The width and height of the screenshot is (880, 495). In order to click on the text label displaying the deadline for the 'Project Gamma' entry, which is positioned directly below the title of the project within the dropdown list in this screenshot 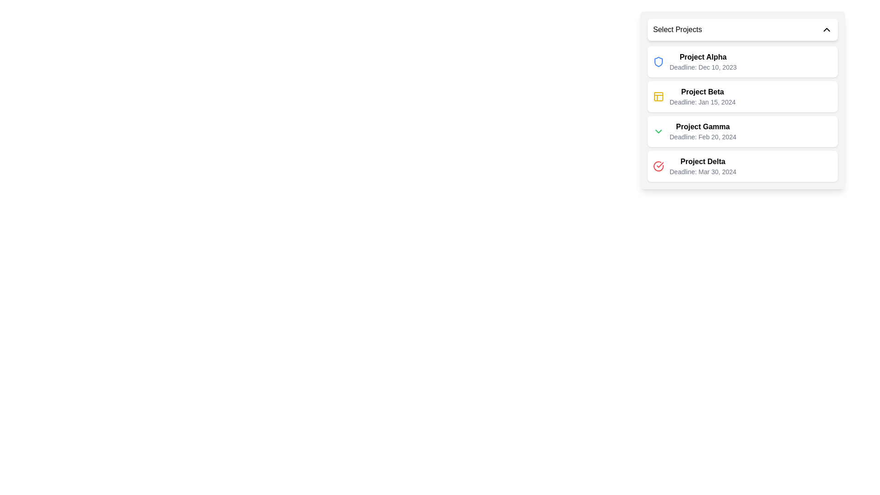, I will do `click(702, 137)`.